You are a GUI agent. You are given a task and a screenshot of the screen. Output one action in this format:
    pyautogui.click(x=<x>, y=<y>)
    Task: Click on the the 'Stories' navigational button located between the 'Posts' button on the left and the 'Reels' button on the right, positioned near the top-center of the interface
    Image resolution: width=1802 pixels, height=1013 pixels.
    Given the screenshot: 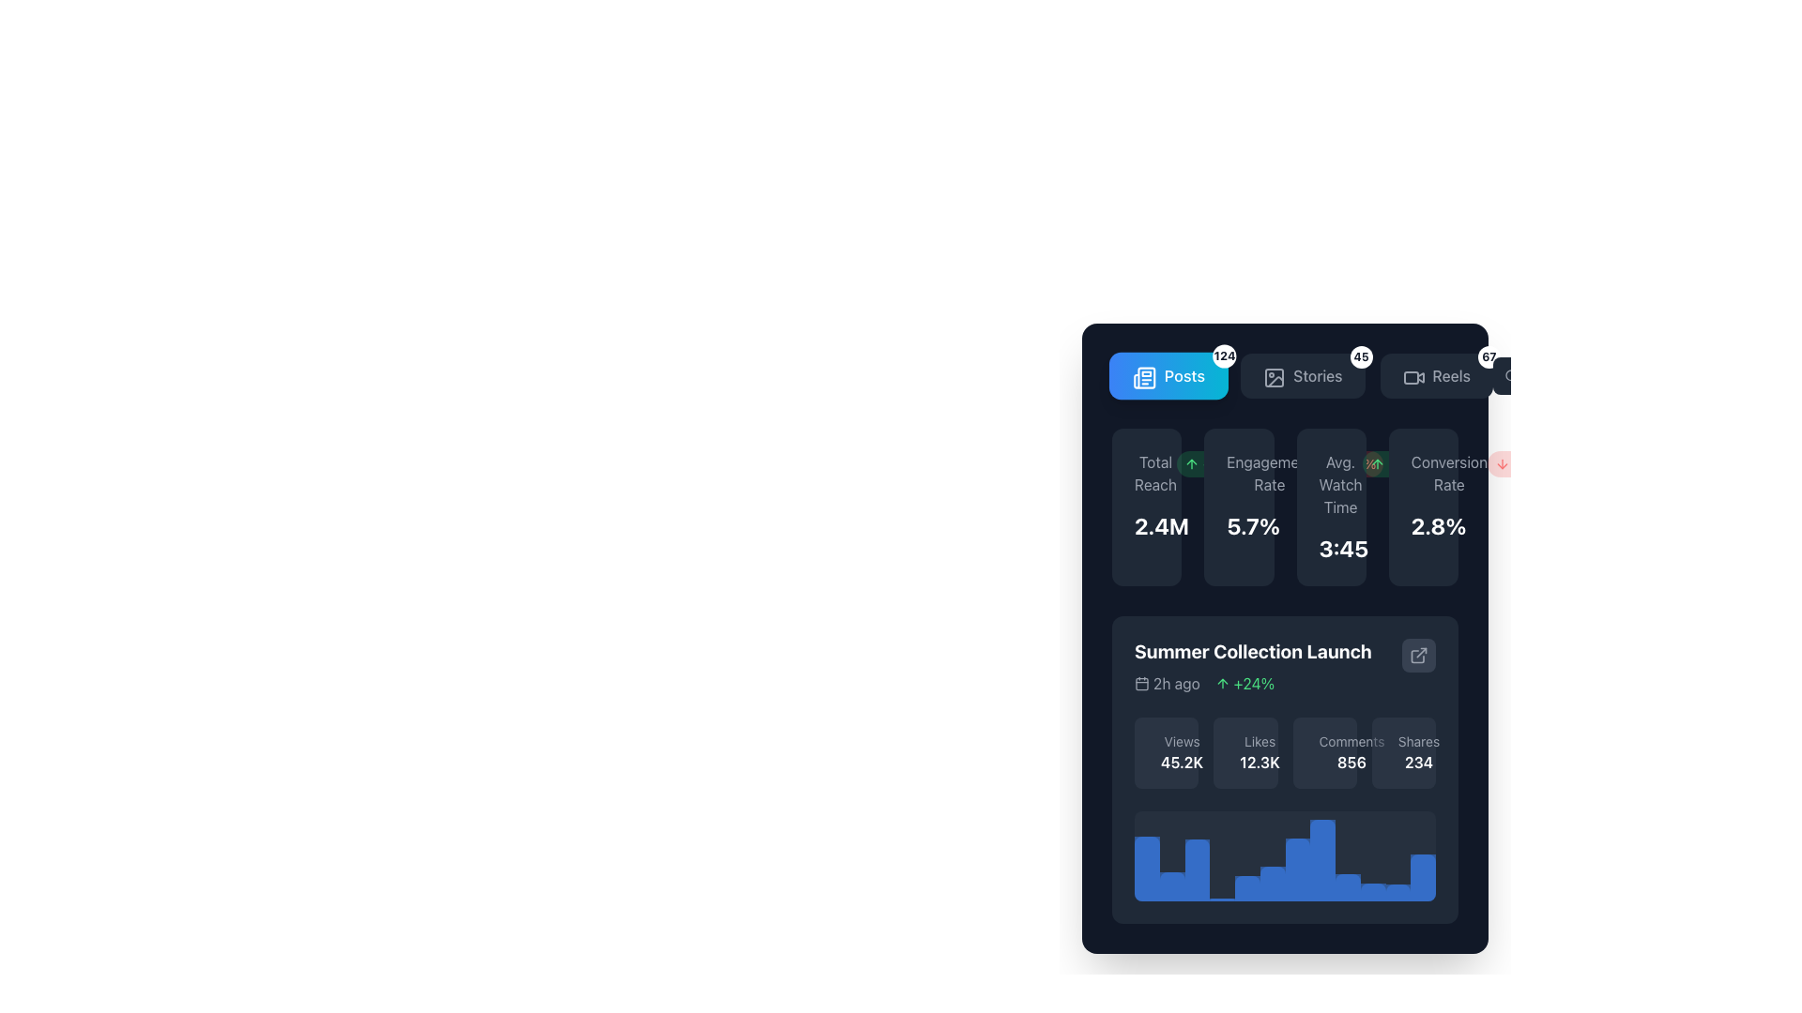 What is the action you would take?
    pyautogui.click(x=1302, y=376)
    